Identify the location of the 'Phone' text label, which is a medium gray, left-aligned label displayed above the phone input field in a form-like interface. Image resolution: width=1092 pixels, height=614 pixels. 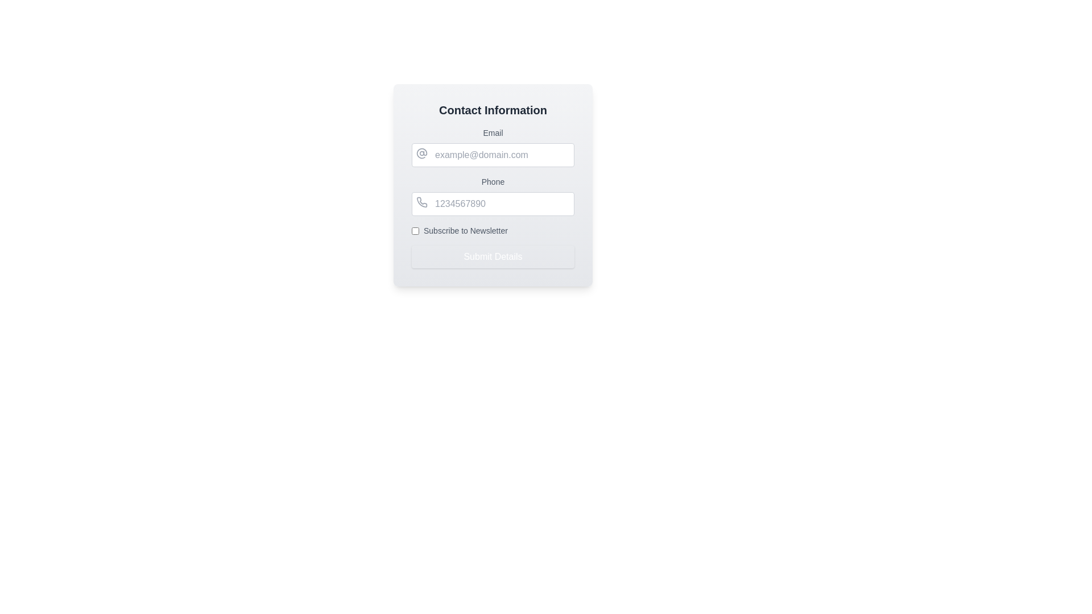
(493, 181).